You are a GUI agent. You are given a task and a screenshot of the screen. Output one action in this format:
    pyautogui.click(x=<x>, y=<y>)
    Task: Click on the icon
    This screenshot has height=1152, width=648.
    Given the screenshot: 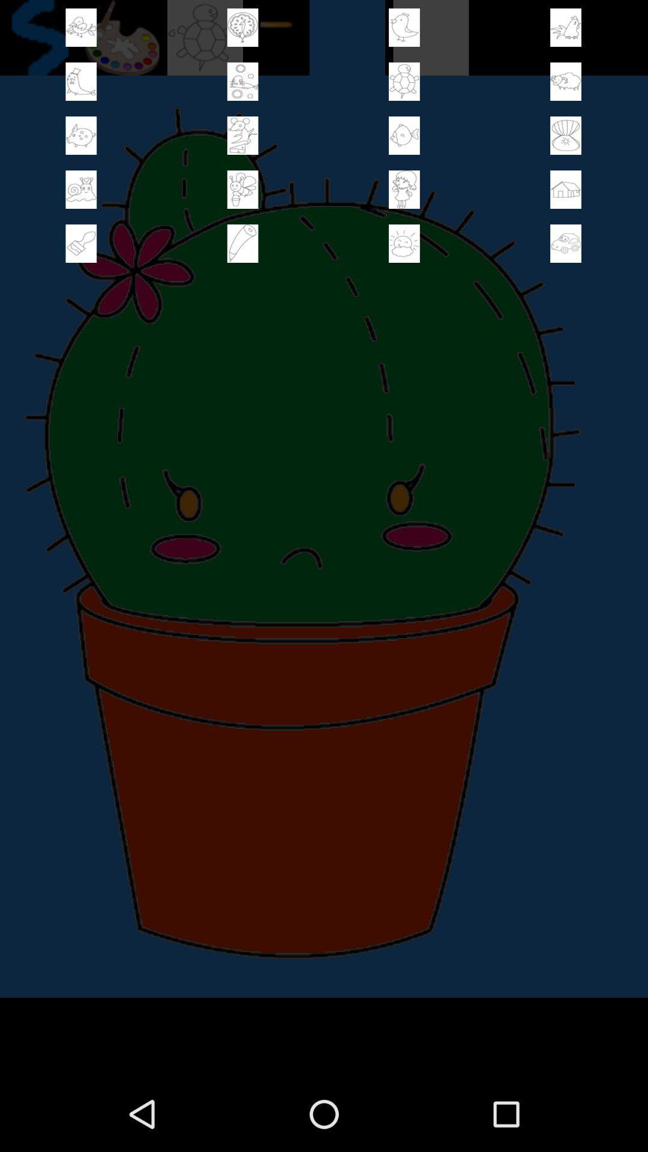 What is the action you would take?
    pyautogui.click(x=566, y=28)
    